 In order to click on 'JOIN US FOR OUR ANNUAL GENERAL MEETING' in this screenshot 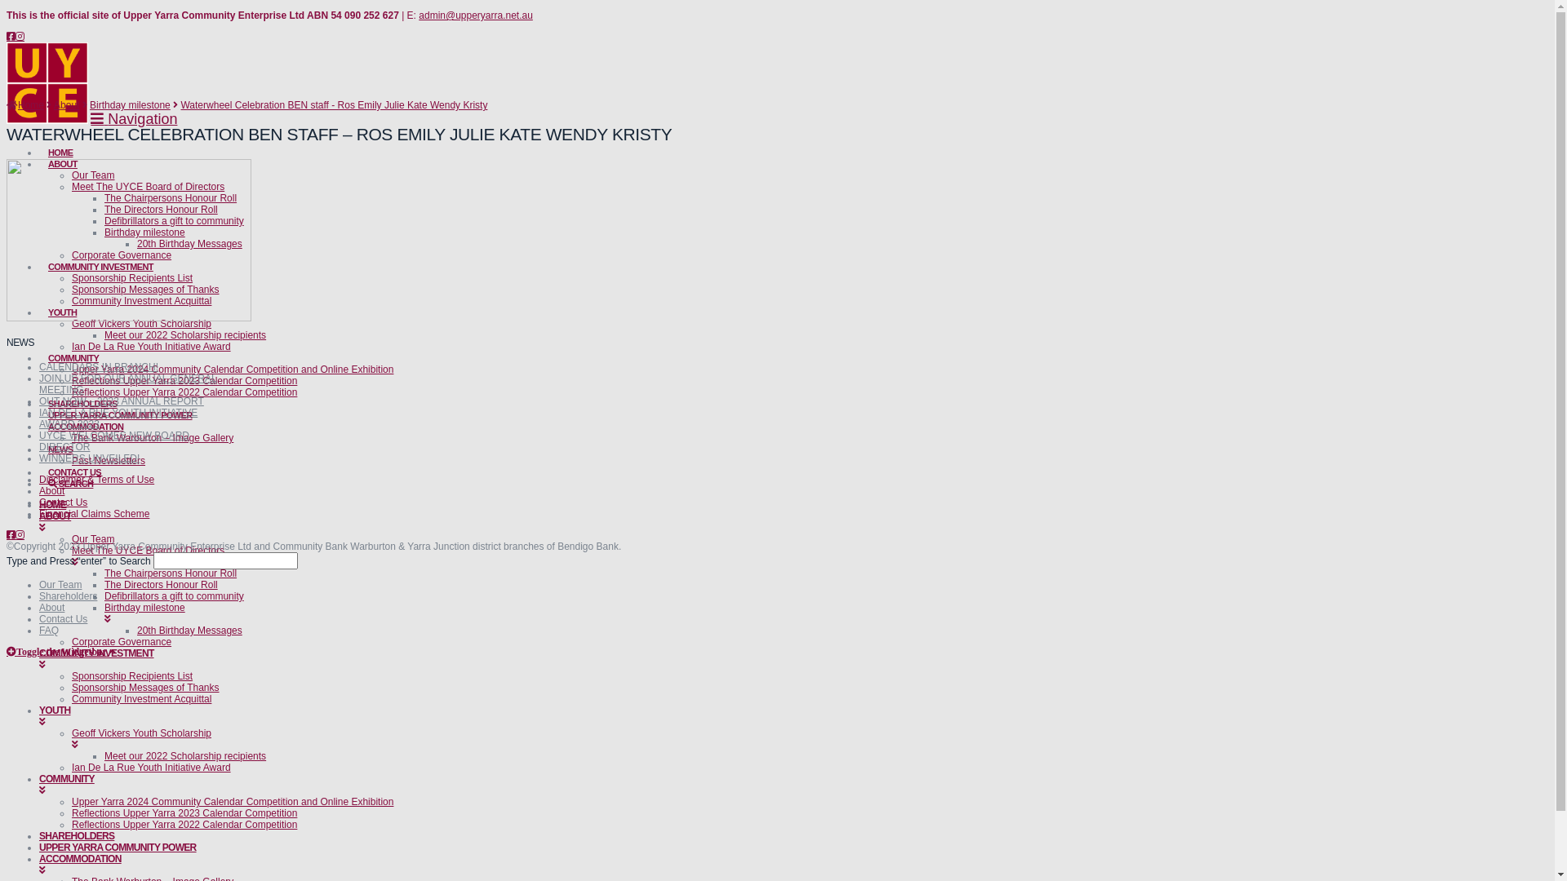, I will do `click(127, 383)`.